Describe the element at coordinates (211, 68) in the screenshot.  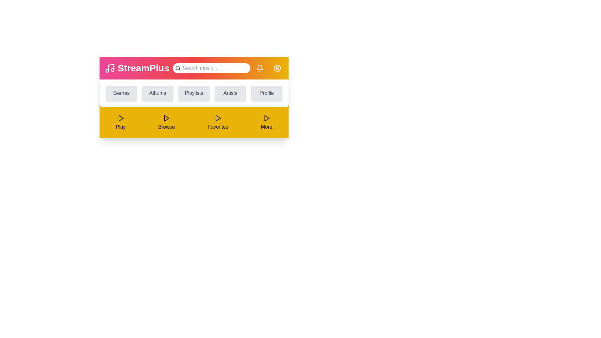
I see `the search input field to focus on it for typing a query` at that location.